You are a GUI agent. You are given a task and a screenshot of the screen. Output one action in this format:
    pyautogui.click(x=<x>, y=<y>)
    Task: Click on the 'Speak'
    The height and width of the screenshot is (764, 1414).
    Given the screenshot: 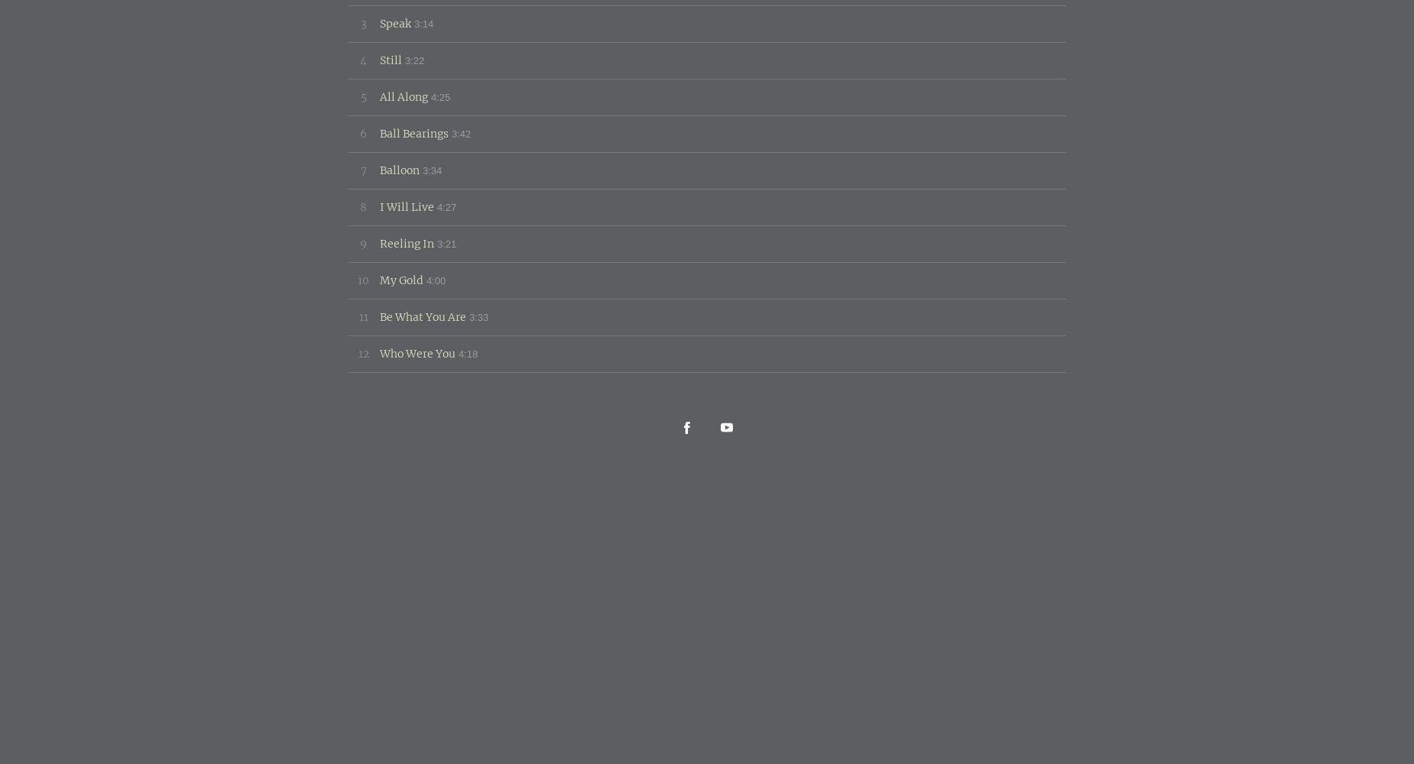 What is the action you would take?
    pyautogui.click(x=395, y=23)
    